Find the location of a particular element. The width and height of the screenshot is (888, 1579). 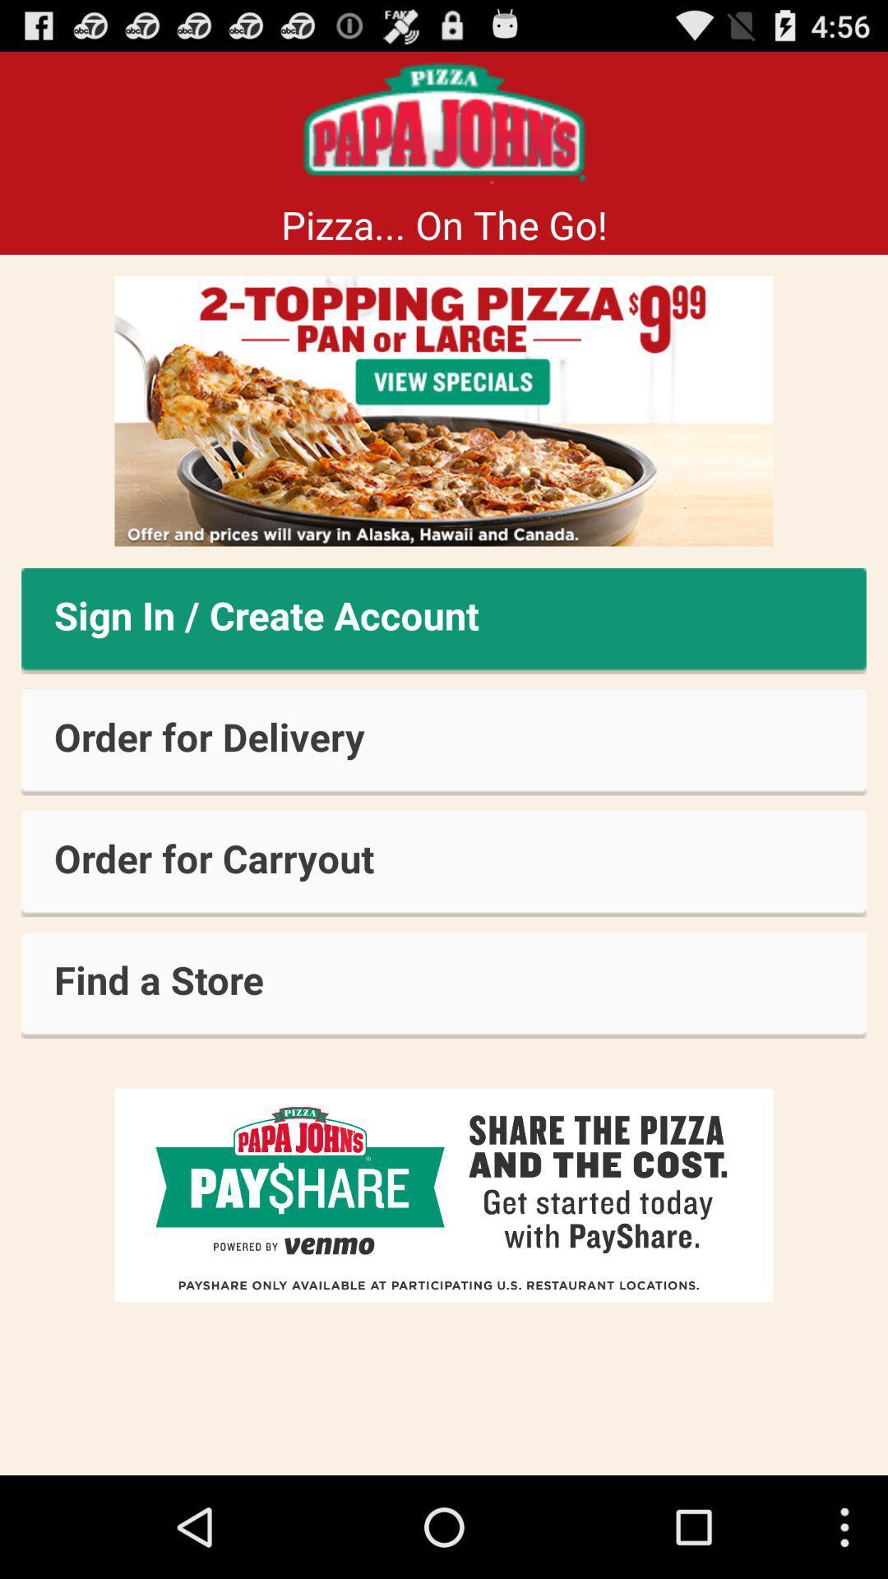

find a store is located at coordinates (444, 985).